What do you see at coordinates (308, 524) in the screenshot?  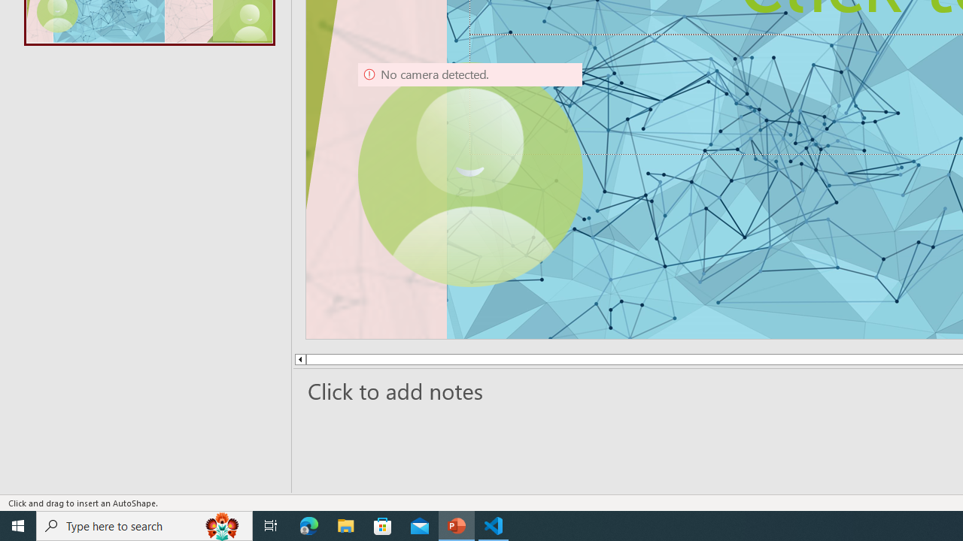 I see `'Microsoft Edge'` at bounding box center [308, 524].